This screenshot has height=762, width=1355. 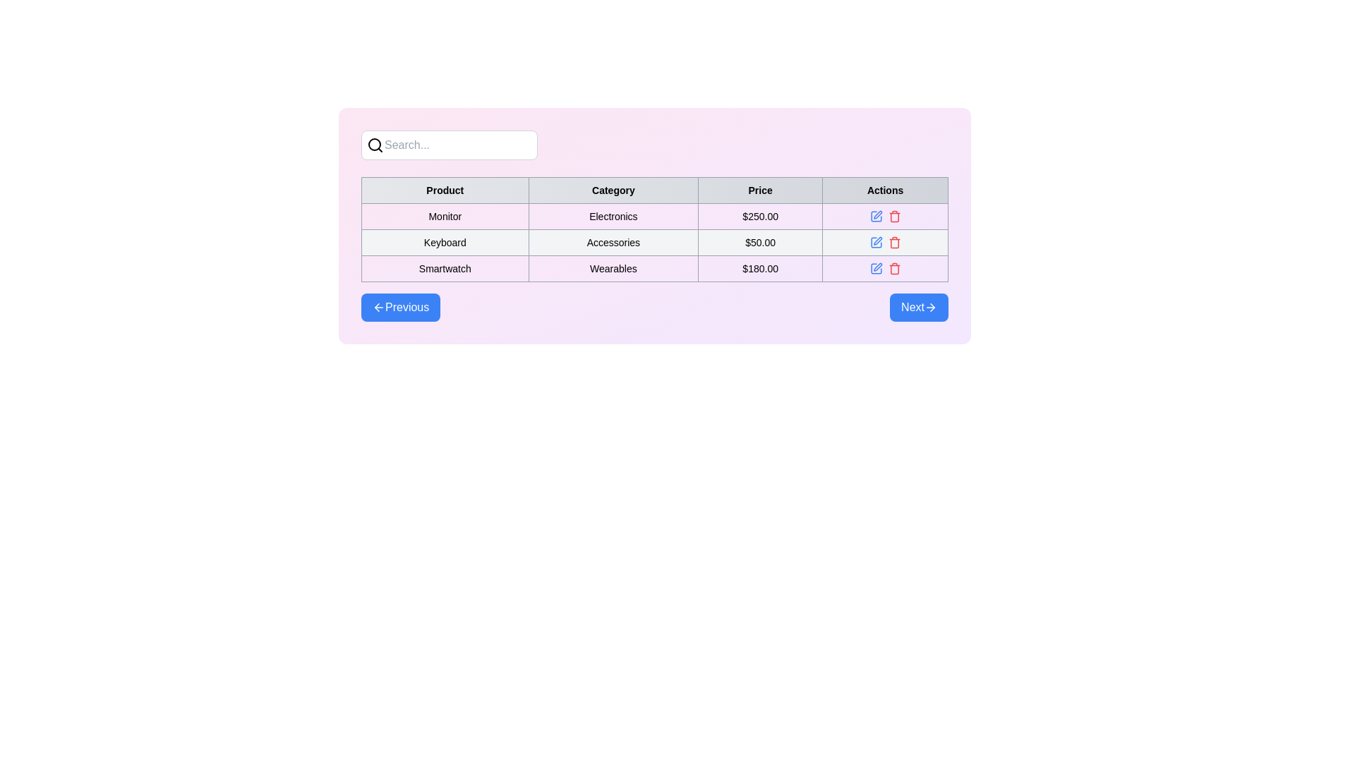 What do you see at coordinates (444, 190) in the screenshot?
I see `the Table Header Cell with the text 'Product', which is the first entry in the header row of the table, located in the top-left corner with a light gray background and bordered black text` at bounding box center [444, 190].